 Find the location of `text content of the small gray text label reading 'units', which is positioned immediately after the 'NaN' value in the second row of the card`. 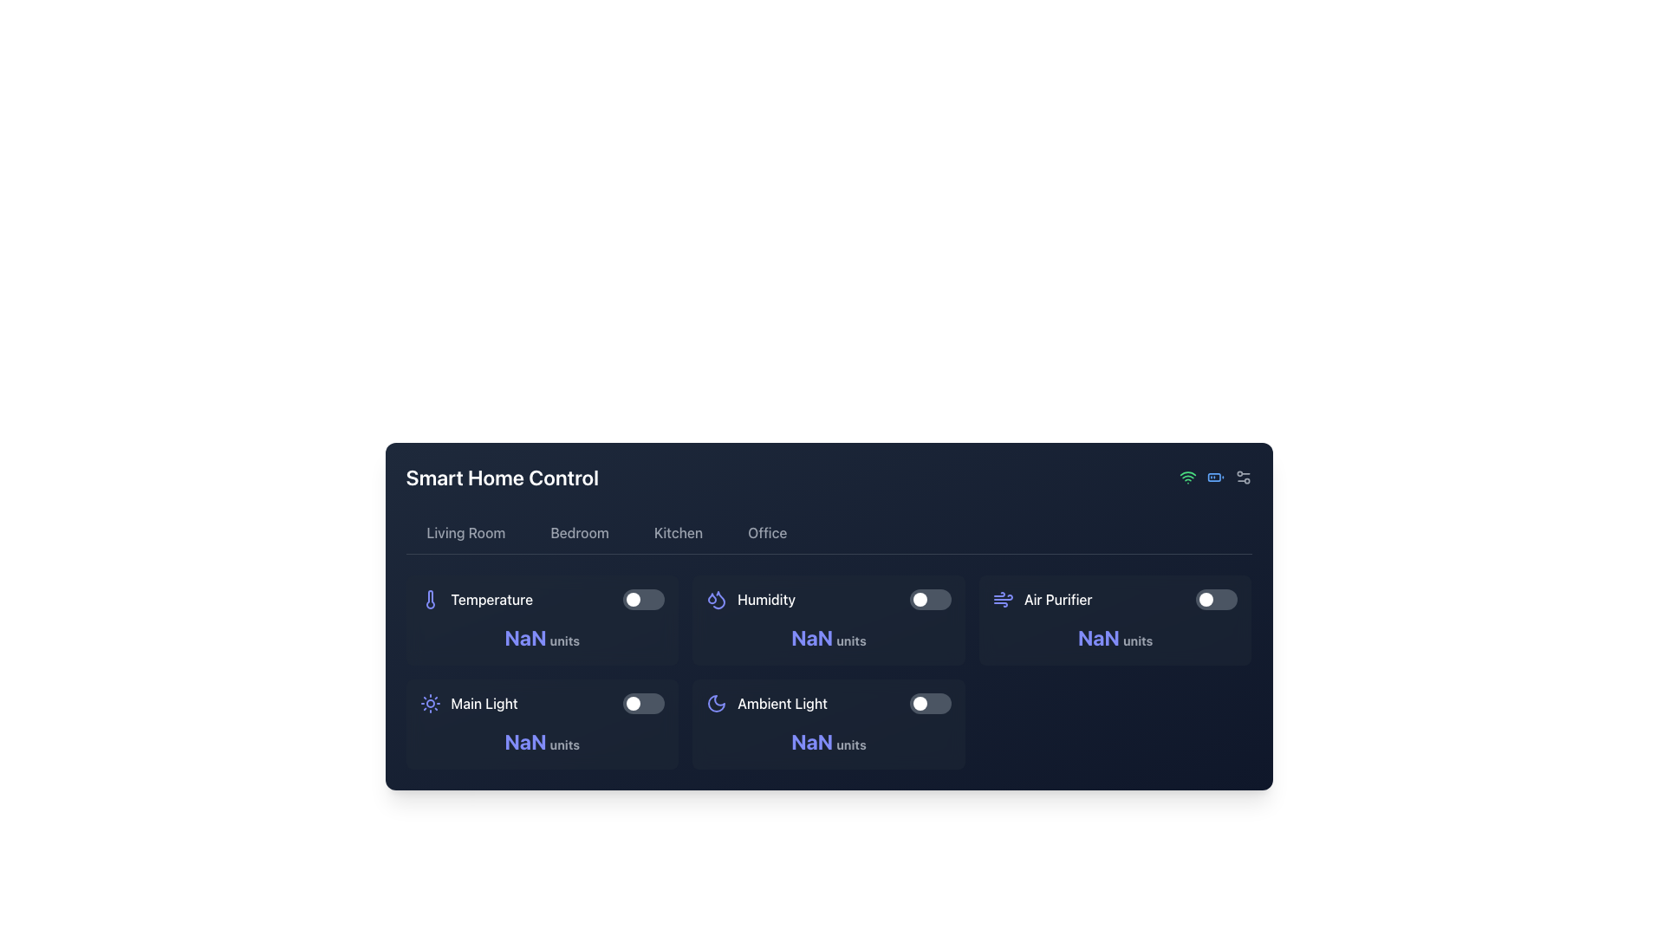

text content of the small gray text label reading 'units', which is positioned immediately after the 'NaN' value in the second row of the card is located at coordinates (851, 640).